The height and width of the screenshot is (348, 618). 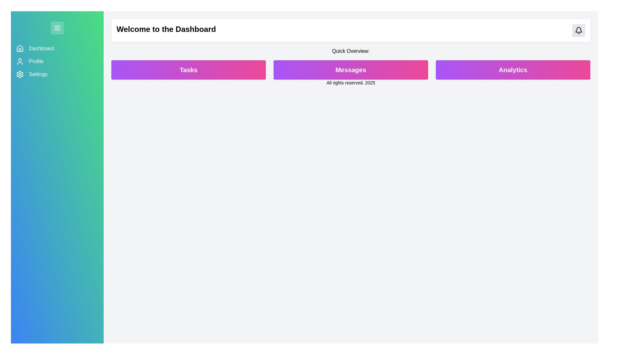 I want to click on the navigation label positioned at the bottom of the sidebar, below 'Dashboard' and 'Profile', so click(x=38, y=74).